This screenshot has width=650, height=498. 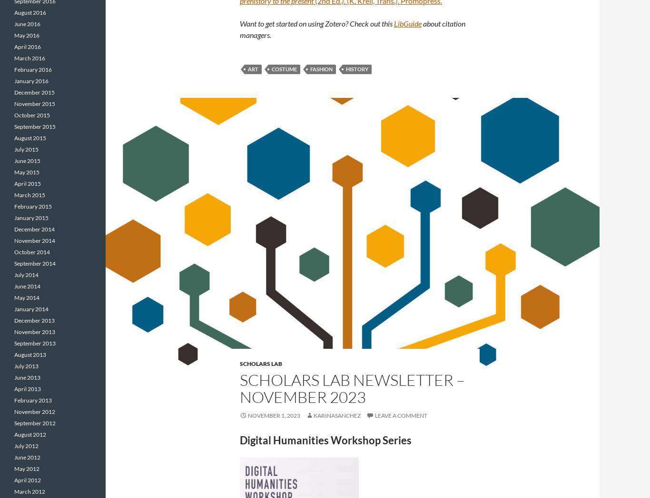 I want to click on 'September 2012', so click(x=35, y=422).